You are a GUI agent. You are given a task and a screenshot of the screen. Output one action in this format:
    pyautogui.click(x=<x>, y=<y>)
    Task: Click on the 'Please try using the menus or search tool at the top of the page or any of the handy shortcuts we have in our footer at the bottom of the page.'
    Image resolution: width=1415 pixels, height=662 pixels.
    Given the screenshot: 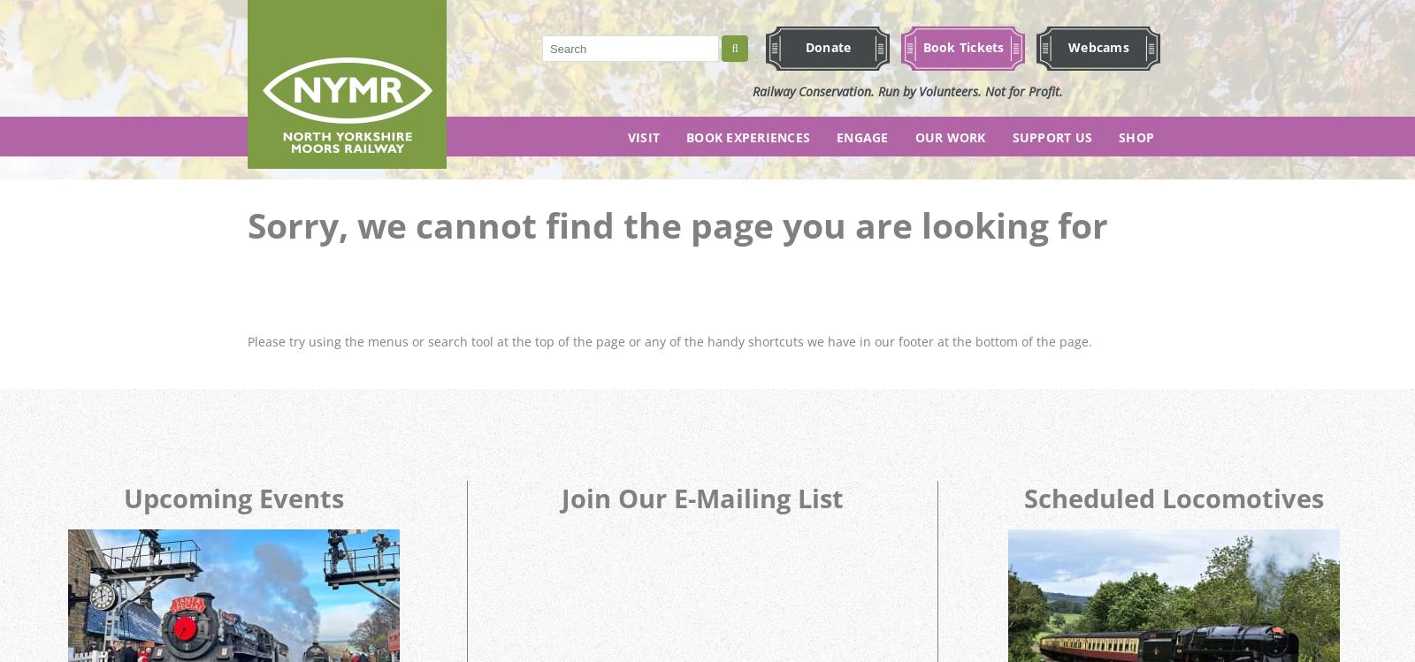 What is the action you would take?
    pyautogui.click(x=669, y=340)
    